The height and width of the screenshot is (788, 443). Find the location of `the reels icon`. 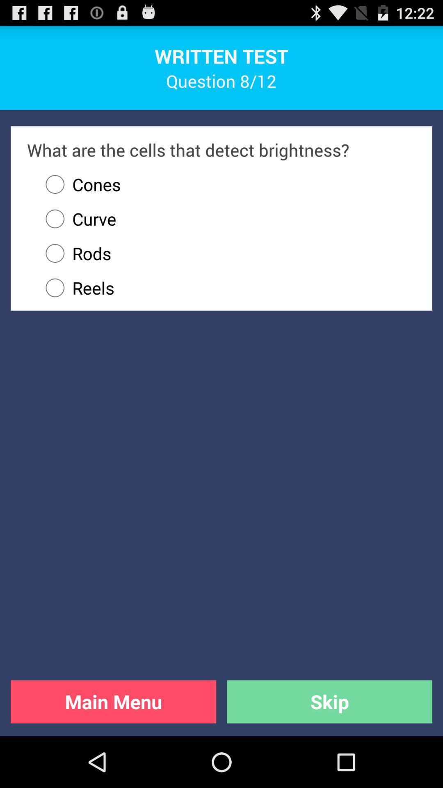

the reels icon is located at coordinates (227, 288).